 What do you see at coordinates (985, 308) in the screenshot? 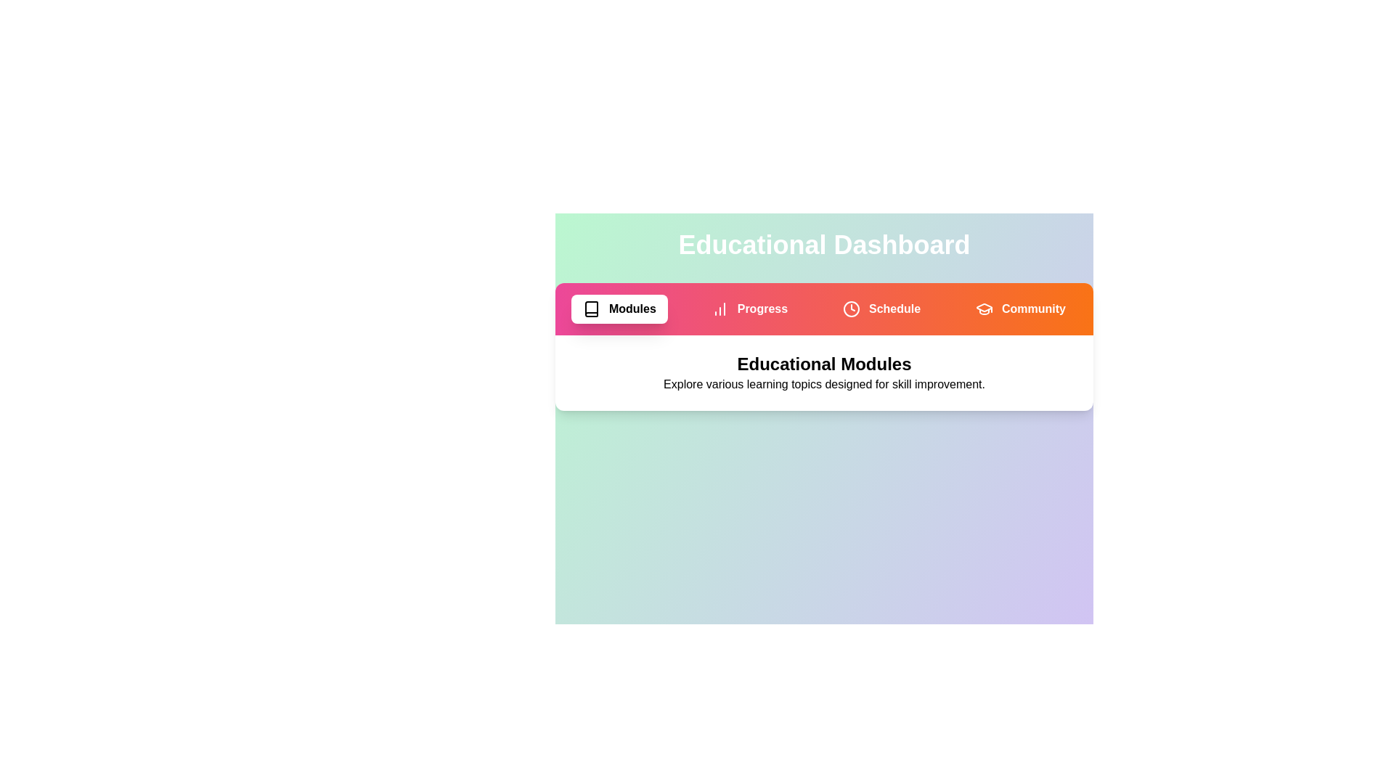
I see `the 'Community' button which contains the icon on the right-most side of the horizontal menu bar` at bounding box center [985, 308].